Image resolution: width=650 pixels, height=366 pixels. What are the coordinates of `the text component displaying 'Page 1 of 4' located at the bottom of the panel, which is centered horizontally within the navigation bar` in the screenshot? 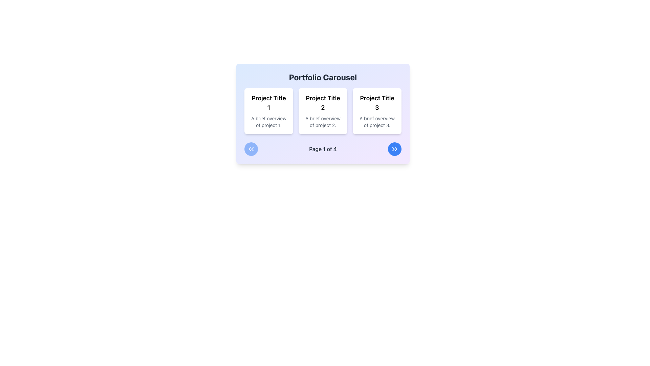 It's located at (323, 148).